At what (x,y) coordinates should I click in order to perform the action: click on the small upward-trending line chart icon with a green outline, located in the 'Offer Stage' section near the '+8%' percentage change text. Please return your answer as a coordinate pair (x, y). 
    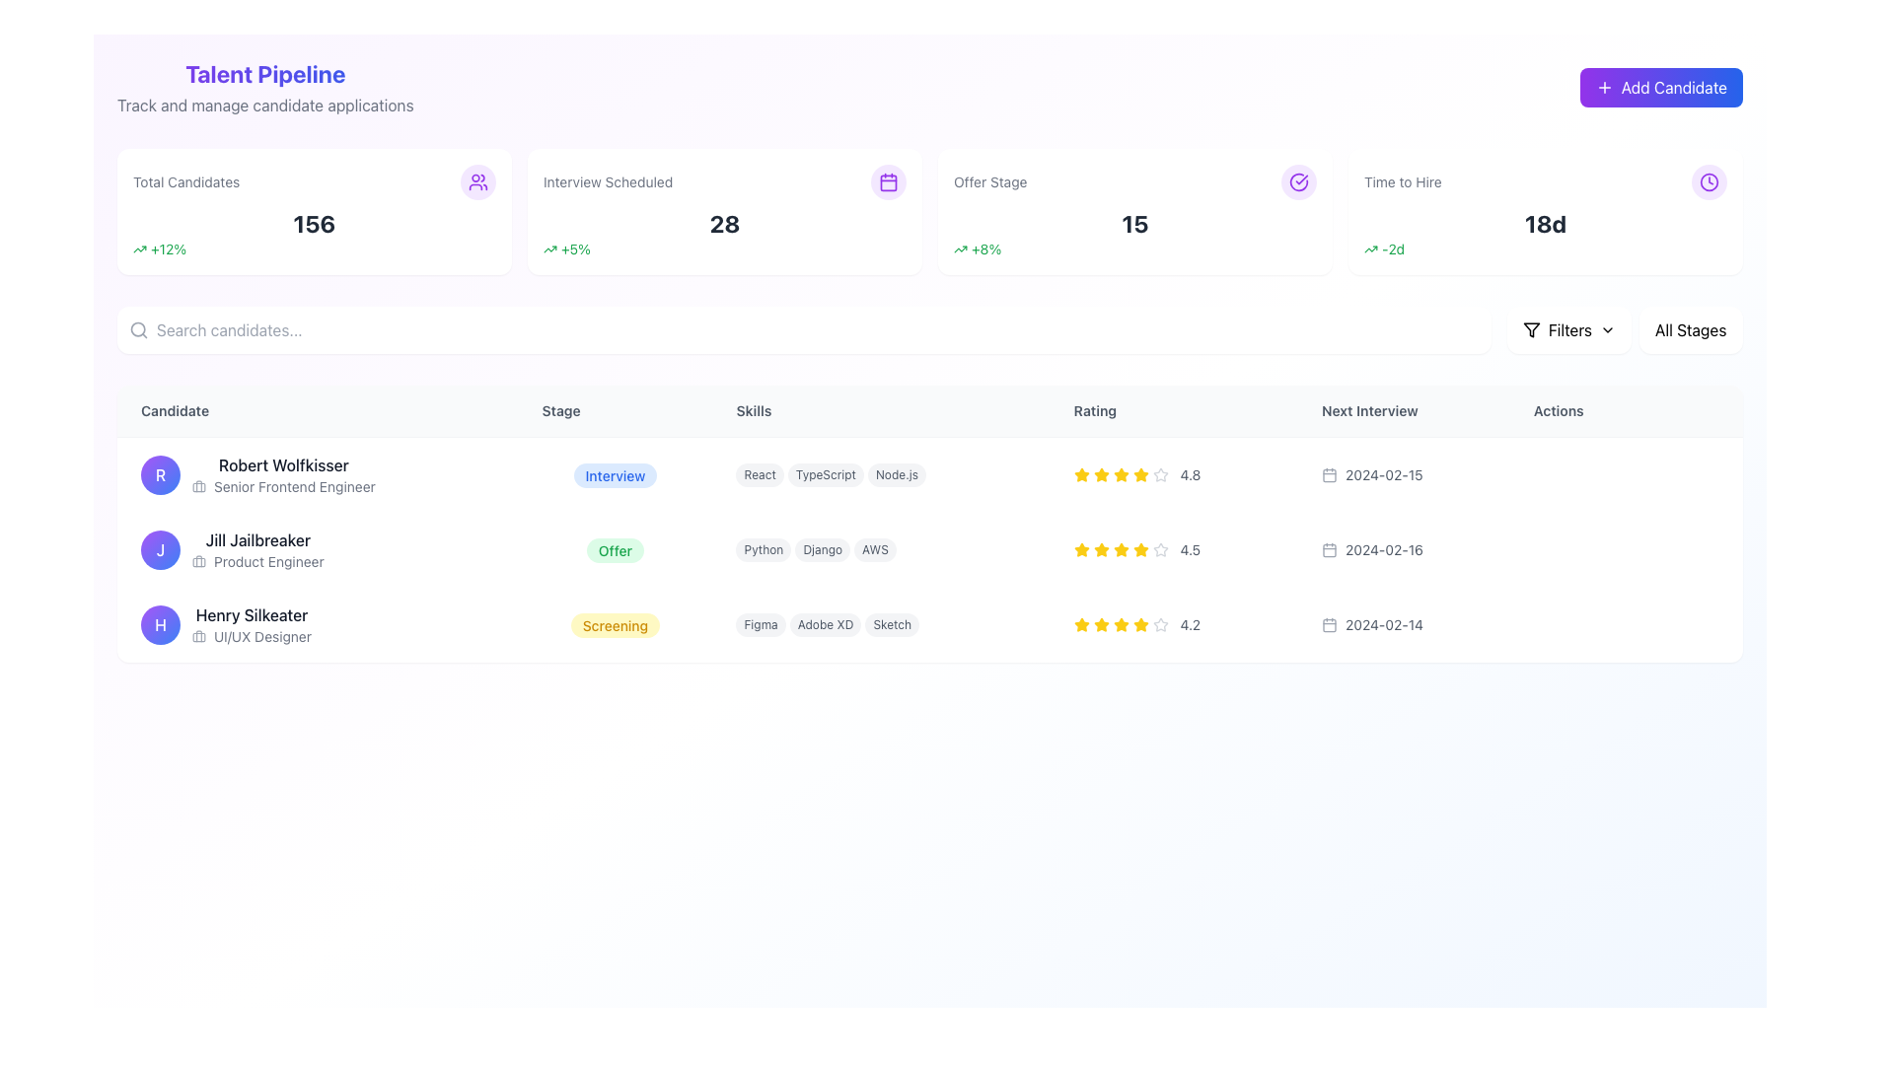
    Looking at the image, I should click on (961, 248).